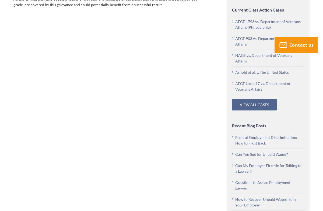  Describe the element at coordinates (231, 9) in the screenshot. I see `'Current Class Action Cases'` at that location.